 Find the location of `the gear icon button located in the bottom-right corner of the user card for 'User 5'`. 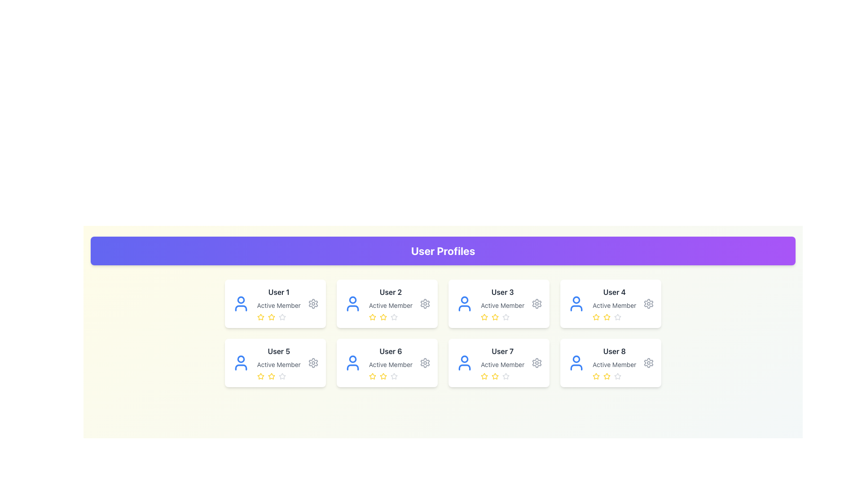

the gear icon button located in the bottom-right corner of the user card for 'User 5' is located at coordinates (313, 363).